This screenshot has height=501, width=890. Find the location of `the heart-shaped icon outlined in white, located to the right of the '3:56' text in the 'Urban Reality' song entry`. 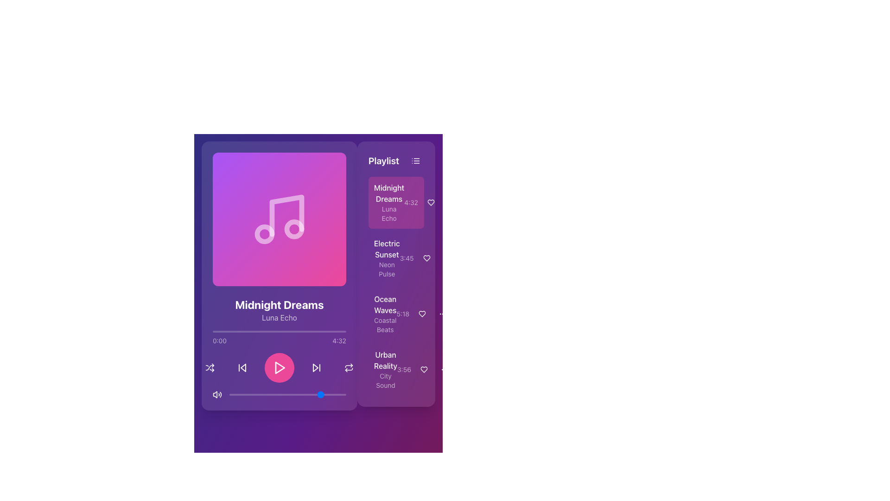

the heart-shaped icon outlined in white, located to the right of the '3:56' text in the 'Urban Reality' song entry is located at coordinates (424, 369).